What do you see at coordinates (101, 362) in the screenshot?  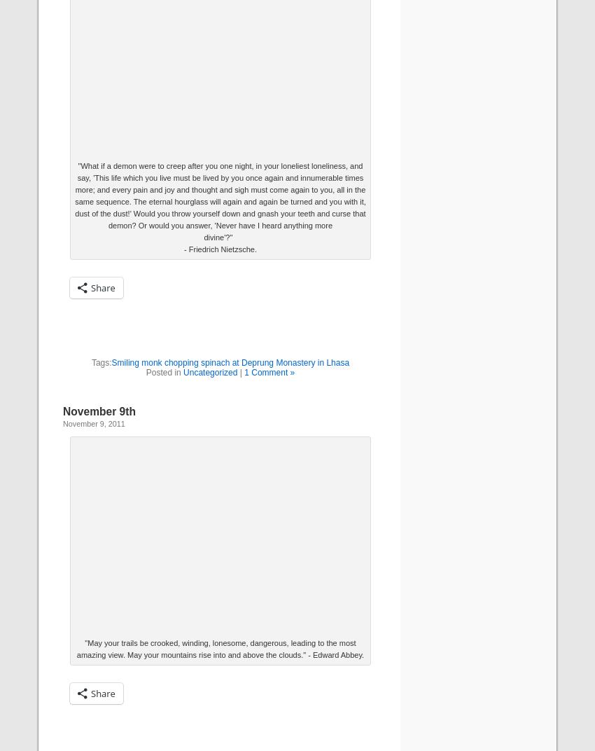 I see `'Tags:'` at bounding box center [101, 362].